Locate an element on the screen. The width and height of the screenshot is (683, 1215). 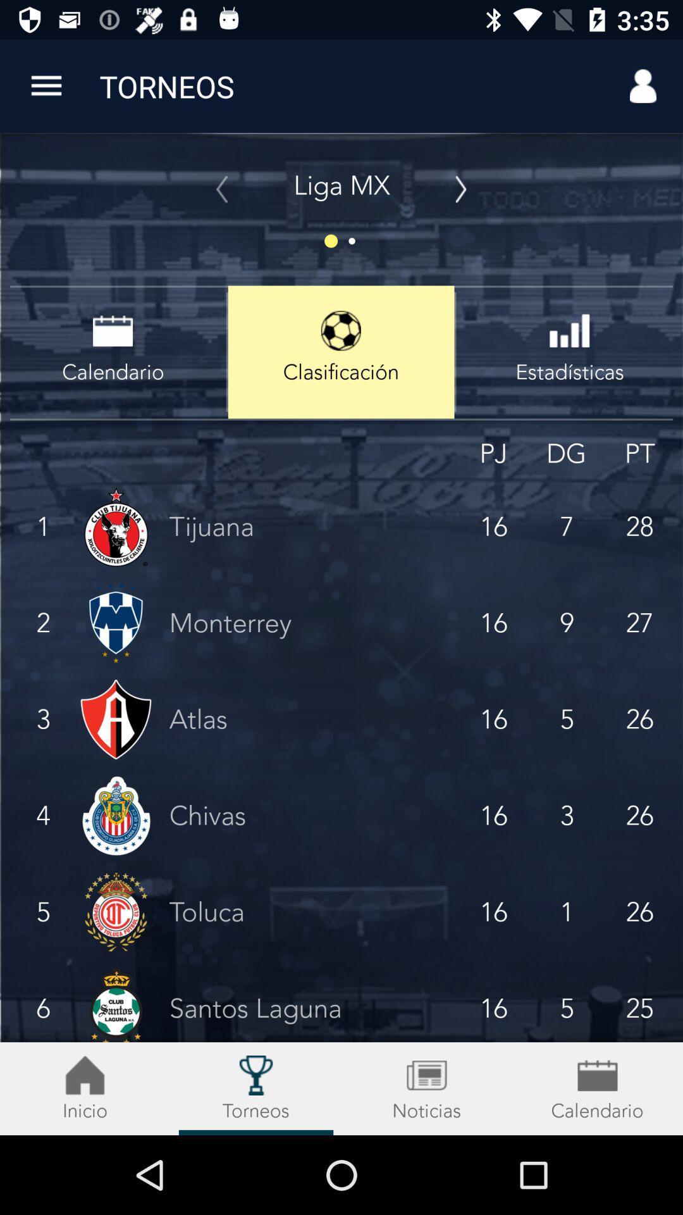
the date_range icon is located at coordinates (427, 1088).